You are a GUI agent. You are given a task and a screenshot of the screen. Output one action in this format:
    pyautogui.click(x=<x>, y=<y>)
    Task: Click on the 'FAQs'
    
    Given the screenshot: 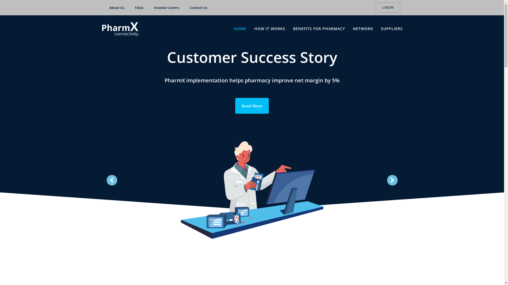 What is the action you would take?
    pyautogui.click(x=129, y=8)
    